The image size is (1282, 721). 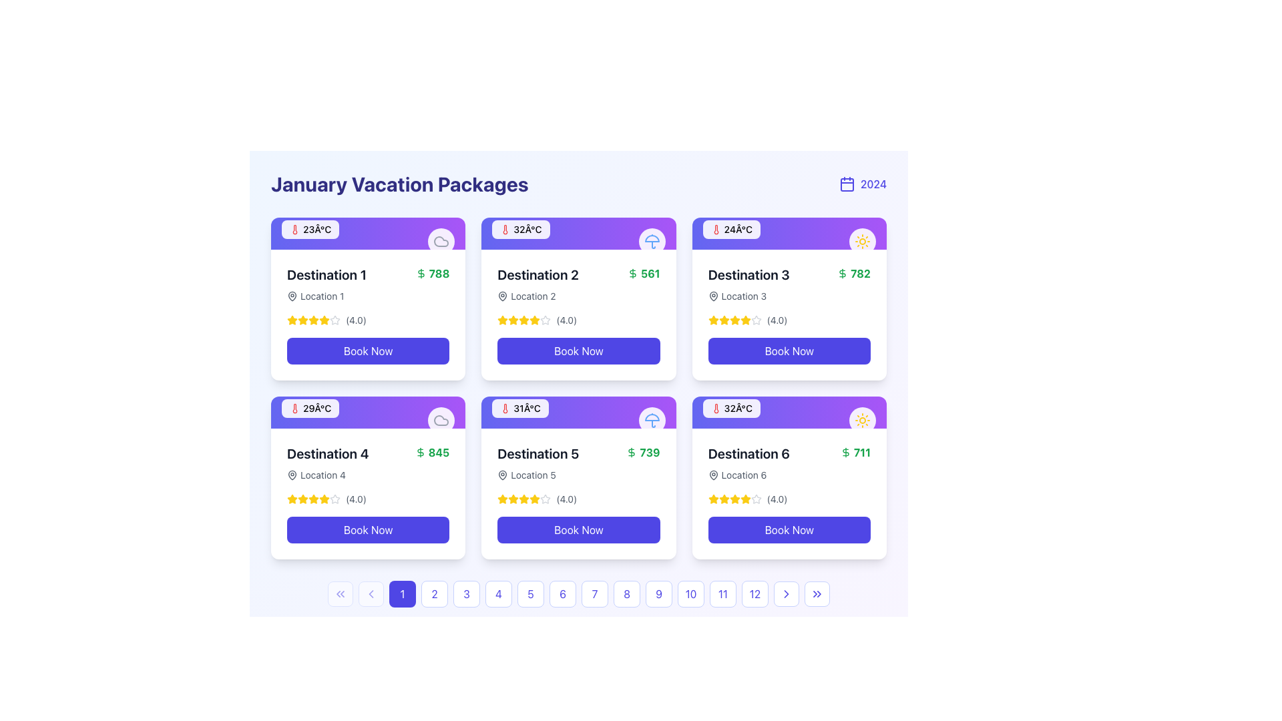 What do you see at coordinates (420, 272) in the screenshot?
I see `the green dollar sign icon located in the top-left corner of the text '788' in the price indicator section of 'Destination 1' card` at bounding box center [420, 272].